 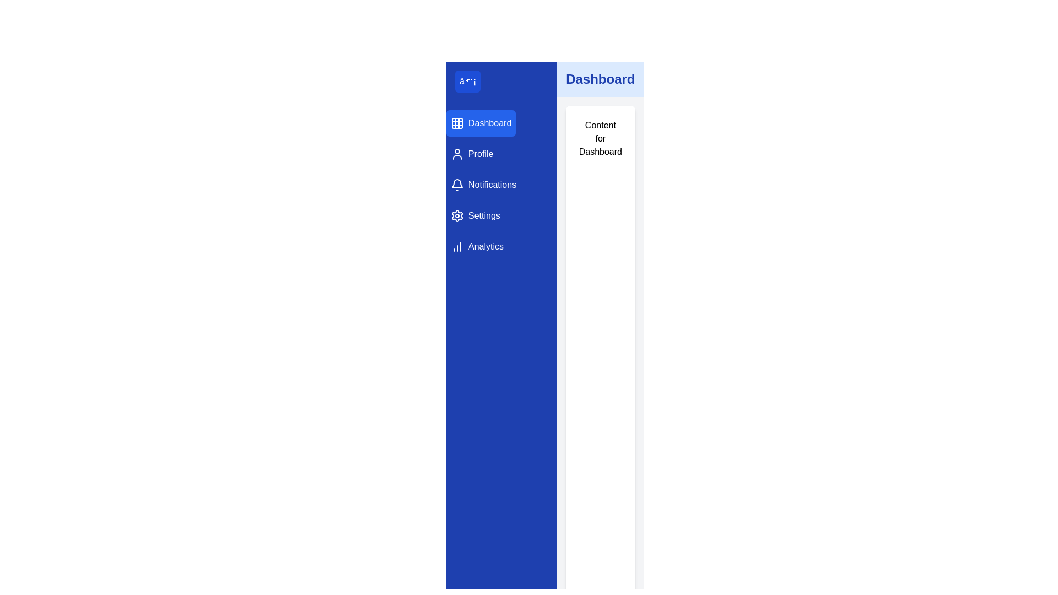 I want to click on the 'Profile' button in the vertical navigation menu, so click(x=472, y=154).